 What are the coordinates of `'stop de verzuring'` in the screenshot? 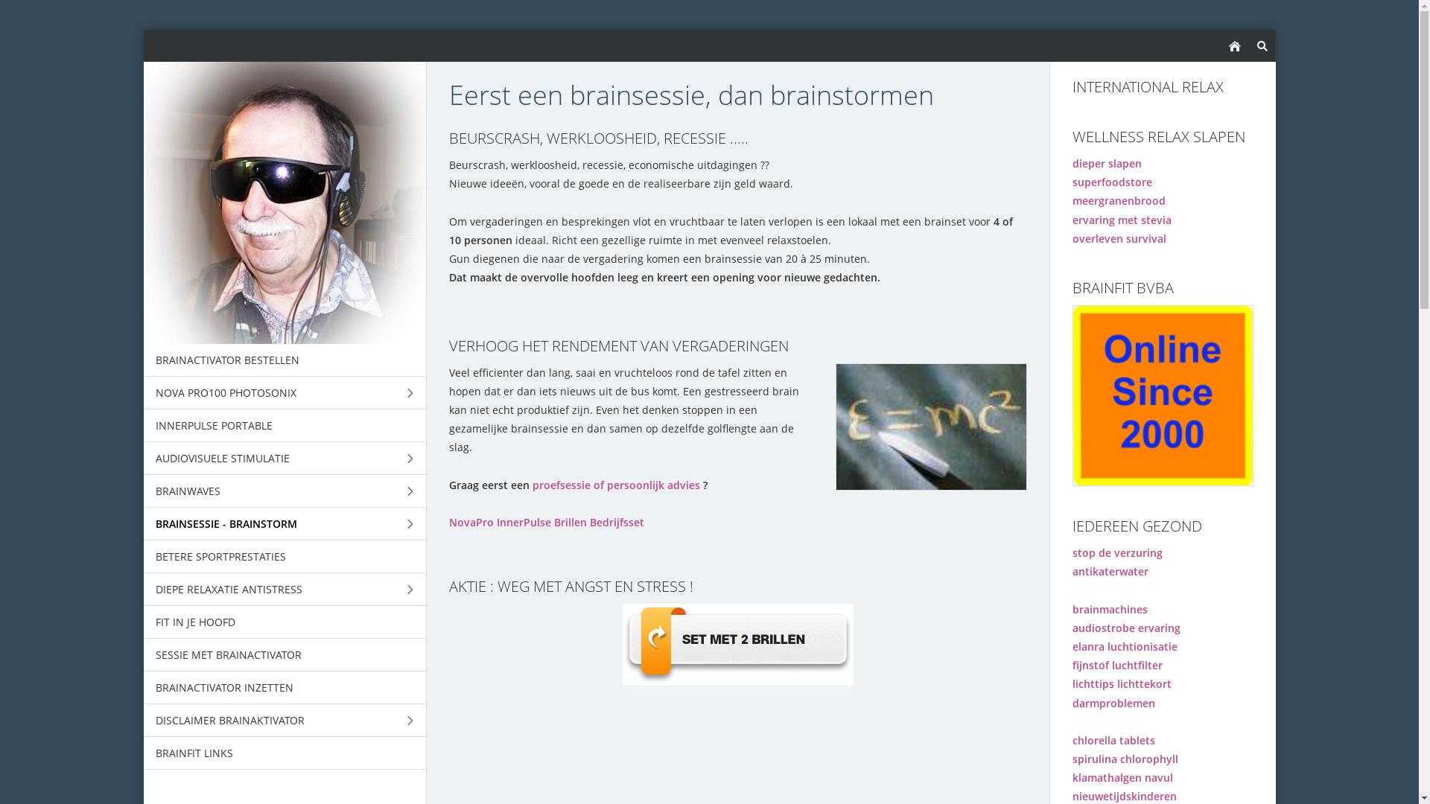 It's located at (1072, 552).